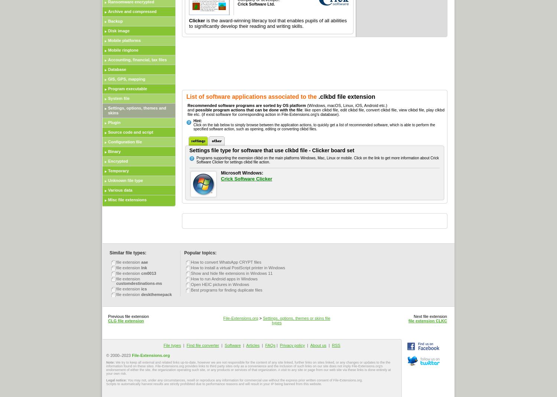 This screenshot has height=397, width=557. What do you see at coordinates (197, 20) in the screenshot?
I see `'Clicker'` at bounding box center [197, 20].